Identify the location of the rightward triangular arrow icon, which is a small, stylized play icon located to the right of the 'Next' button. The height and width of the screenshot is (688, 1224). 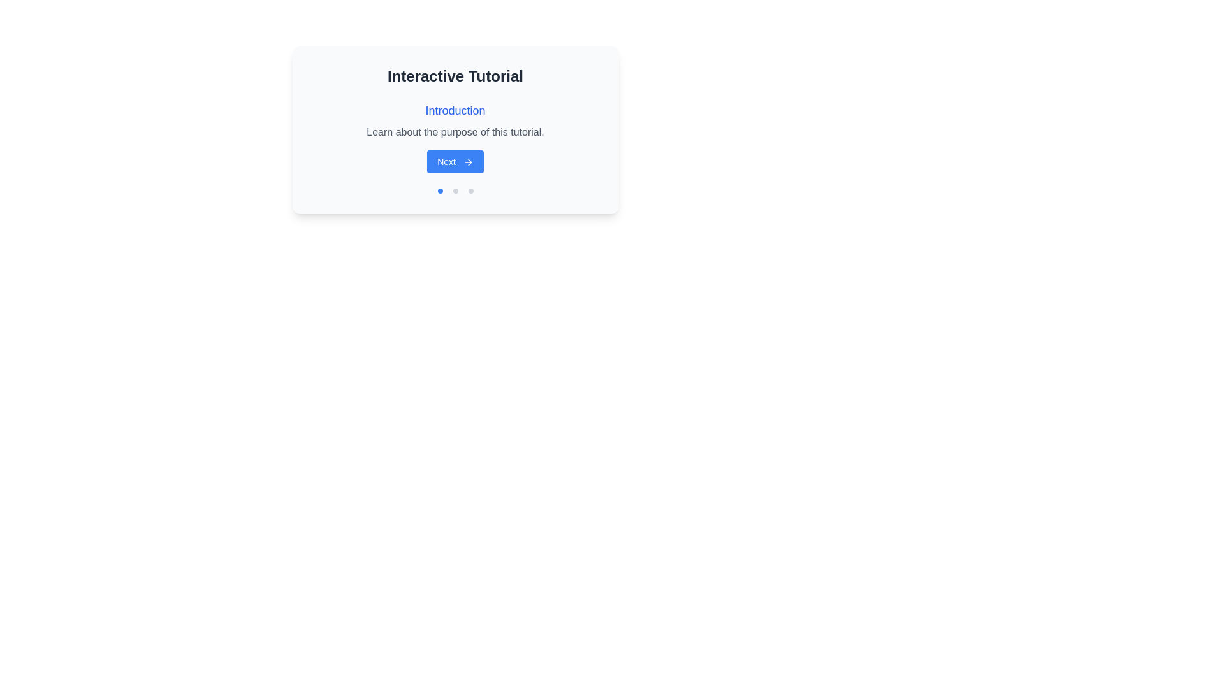
(469, 162).